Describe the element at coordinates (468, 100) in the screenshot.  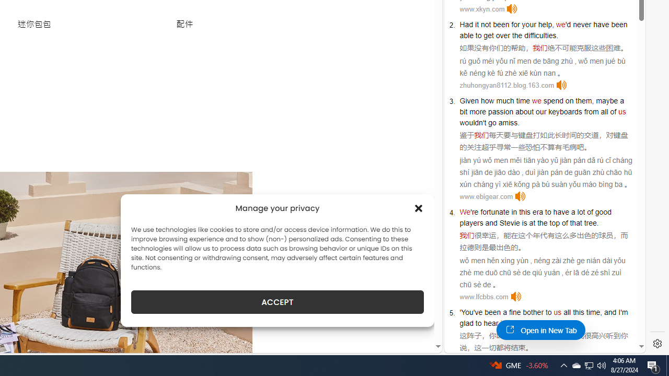
I see `'Given'` at that location.